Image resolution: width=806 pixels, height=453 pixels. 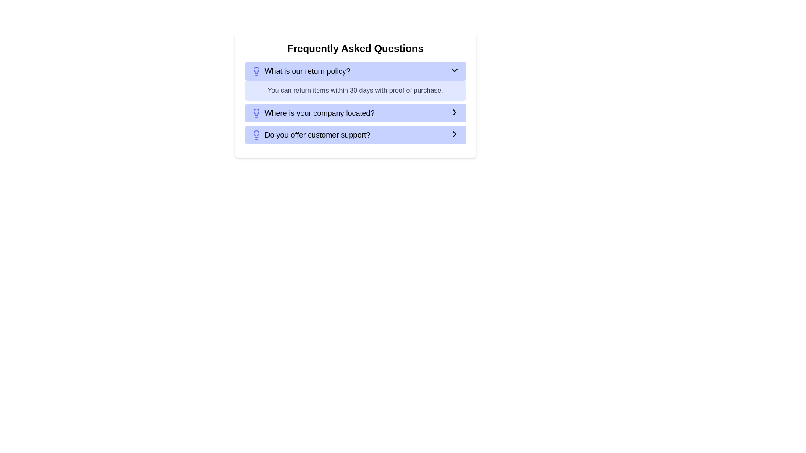 What do you see at coordinates (454, 112) in the screenshot?
I see `the chevron icon on the right side of the blue rectangular background corresponding to the question 'Where is your company located?'` at bounding box center [454, 112].